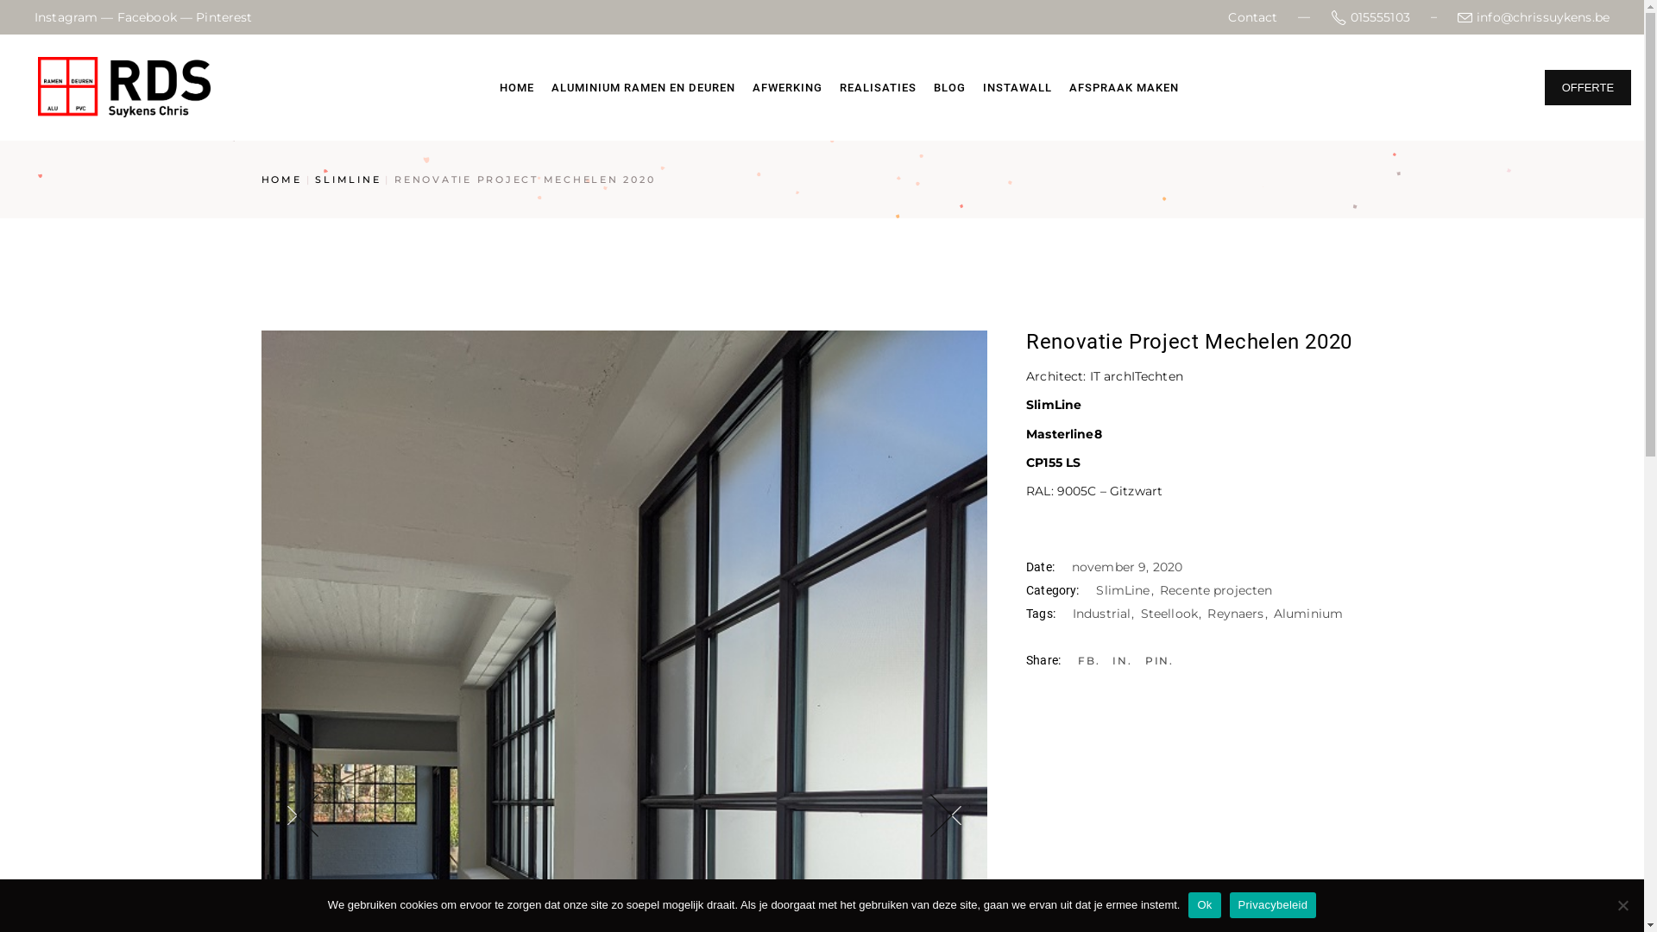  Describe the element at coordinates (1238, 612) in the screenshot. I see `'Reynaers'` at that location.